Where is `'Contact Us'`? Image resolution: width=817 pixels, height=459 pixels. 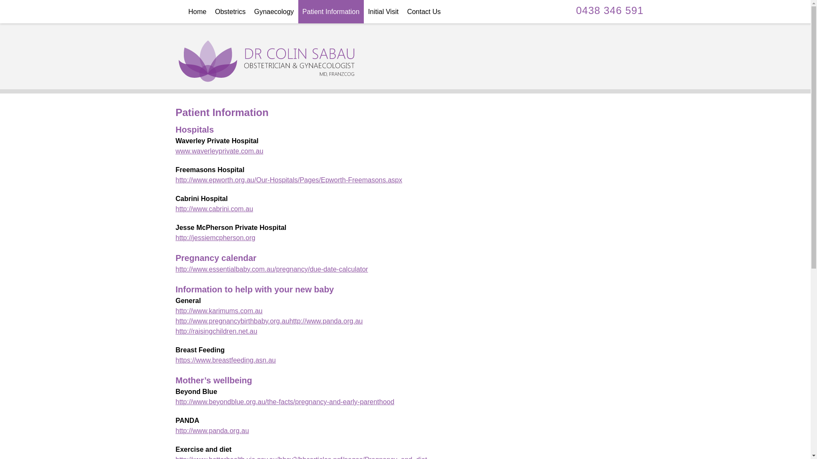
'Contact Us' is located at coordinates (424, 11).